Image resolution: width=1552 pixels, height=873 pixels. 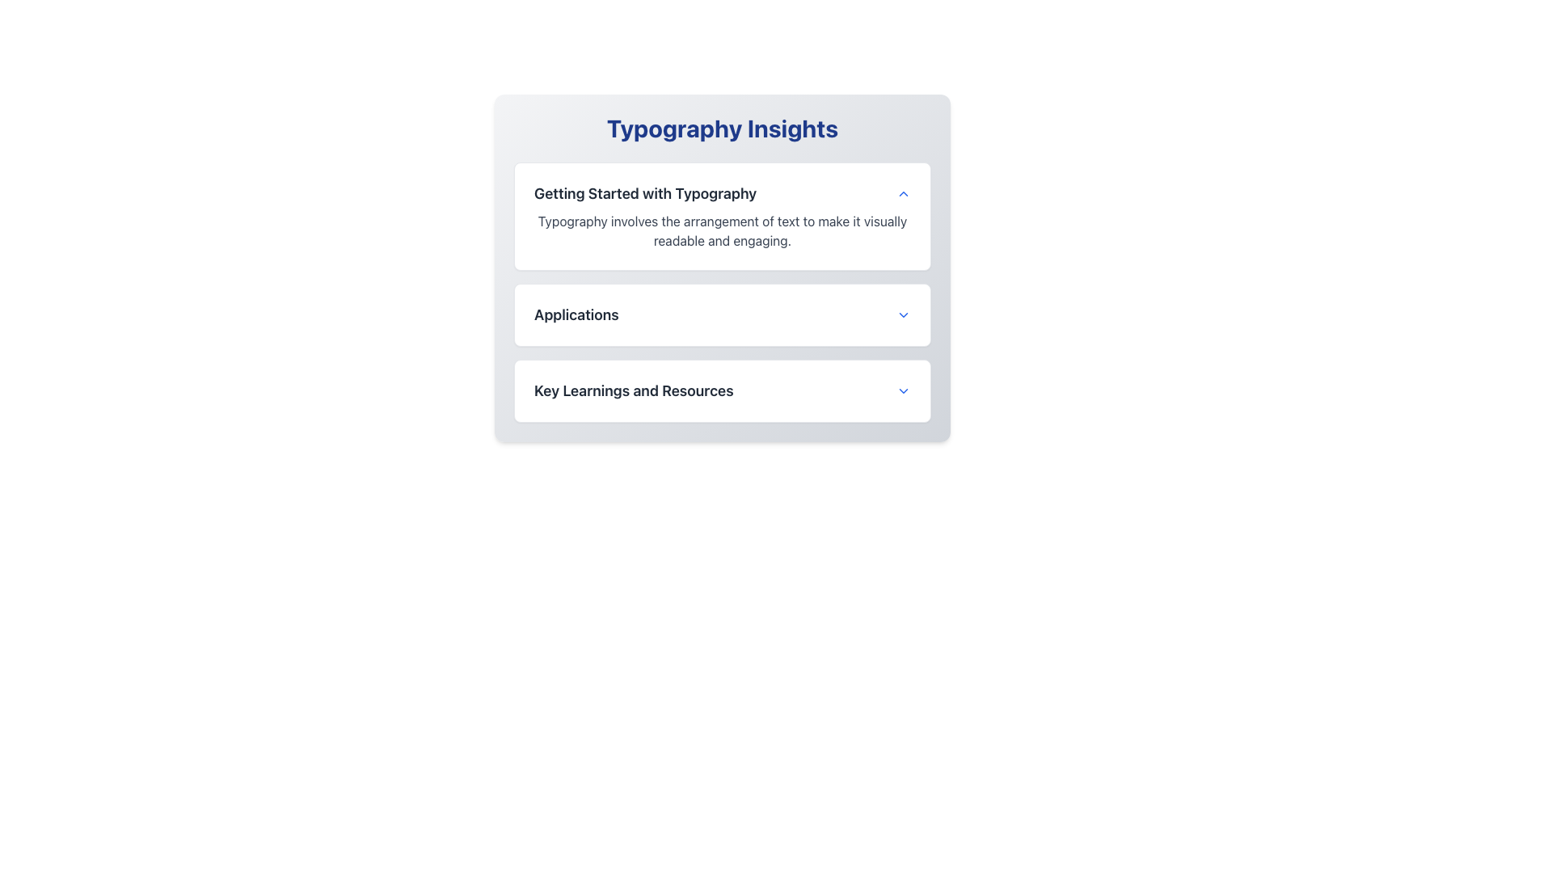 What do you see at coordinates (721, 390) in the screenshot?
I see `the dropdown menu header titled 'Key Learnings and Resources'` at bounding box center [721, 390].